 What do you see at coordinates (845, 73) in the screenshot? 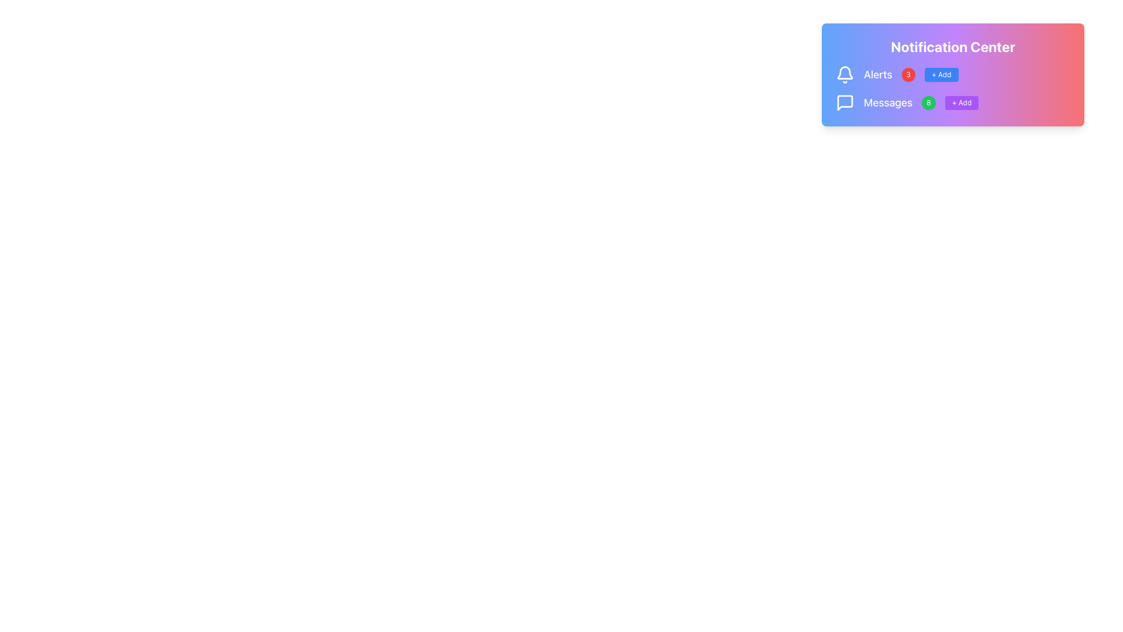
I see `the notification icon located in the Notification Center panel, to the left of the text labeled 'Alerts'` at bounding box center [845, 73].